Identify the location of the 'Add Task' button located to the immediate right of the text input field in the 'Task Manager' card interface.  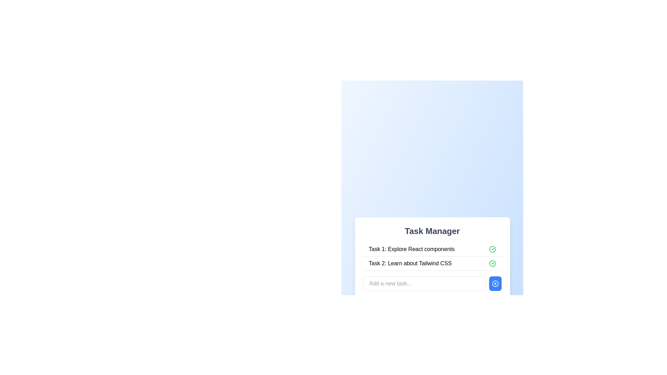
(495, 284).